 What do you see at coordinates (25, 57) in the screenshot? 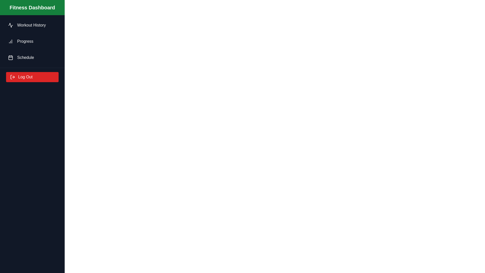
I see `the 'Schedule' text label located in the sidebar, which serves as a navigation link for the Schedule section` at bounding box center [25, 57].